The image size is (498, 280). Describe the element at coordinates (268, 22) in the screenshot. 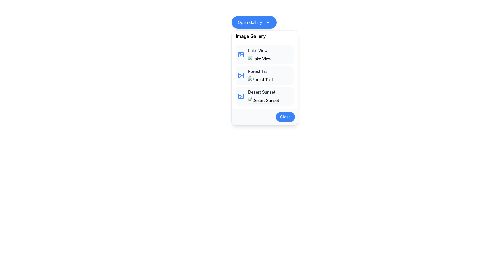

I see `the icon located on the right side of the 'Open Gallery' button` at that location.